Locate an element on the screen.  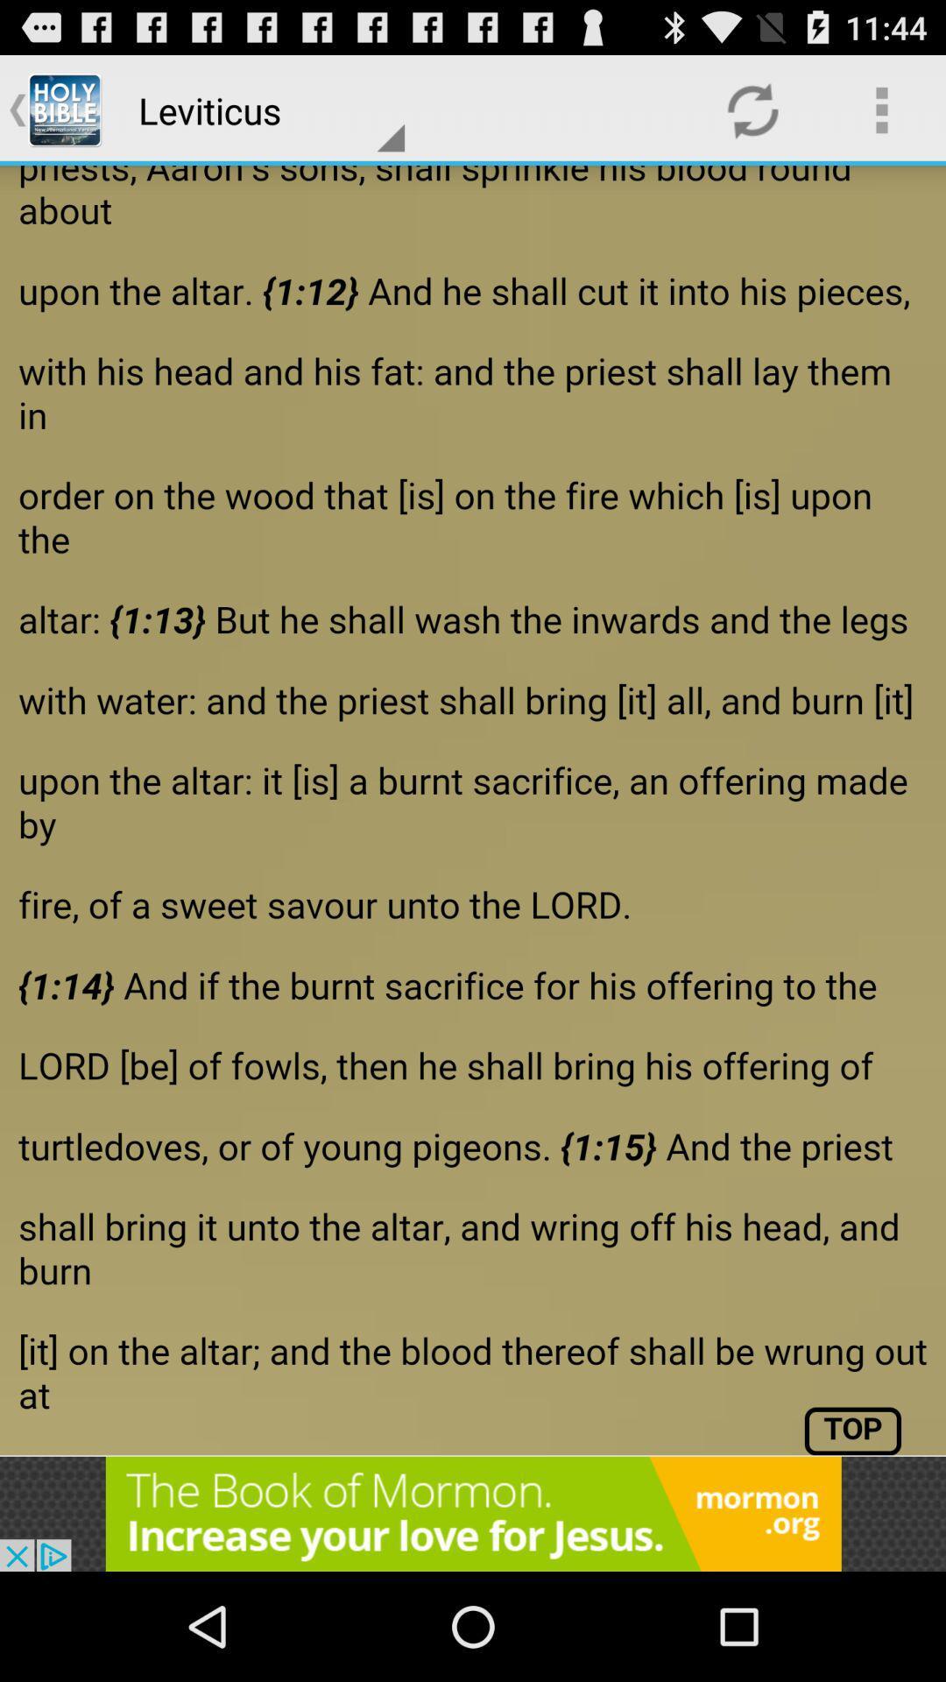
advertisement page is located at coordinates (473, 809).